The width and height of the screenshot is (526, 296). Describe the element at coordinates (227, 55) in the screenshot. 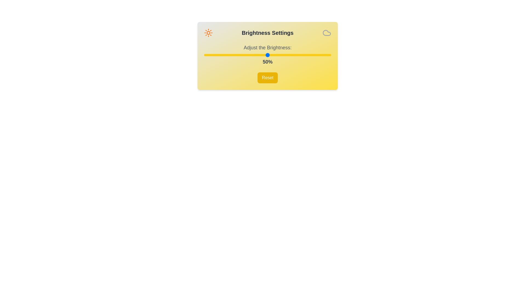

I see `the brightness slider to set the brightness level to 18%` at that location.